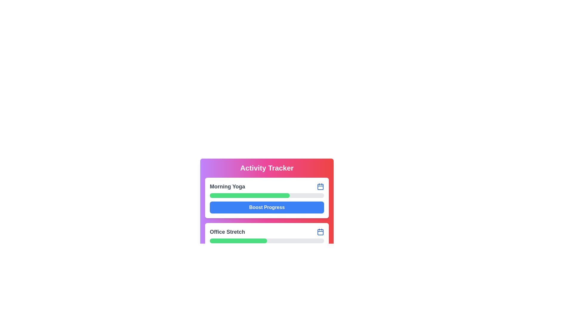 Image resolution: width=573 pixels, height=322 pixels. What do you see at coordinates (244, 286) in the screenshot?
I see `the filled section of the progress bar representing the 'Office Stretch' activity in the 'Activity Tracker' interface` at bounding box center [244, 286].